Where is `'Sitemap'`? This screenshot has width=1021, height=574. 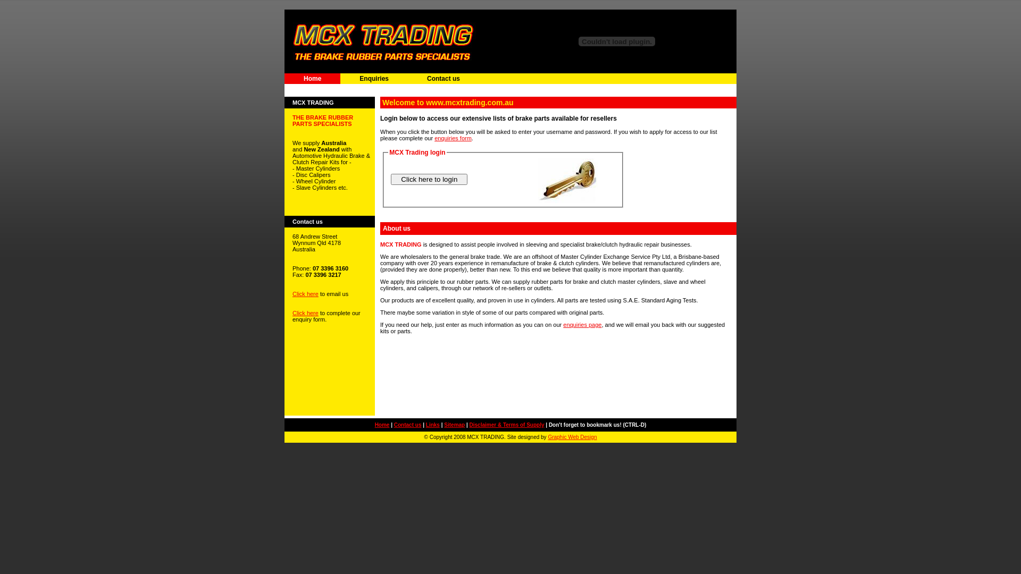 'Sitemap' is located at coordinates (454, 424).